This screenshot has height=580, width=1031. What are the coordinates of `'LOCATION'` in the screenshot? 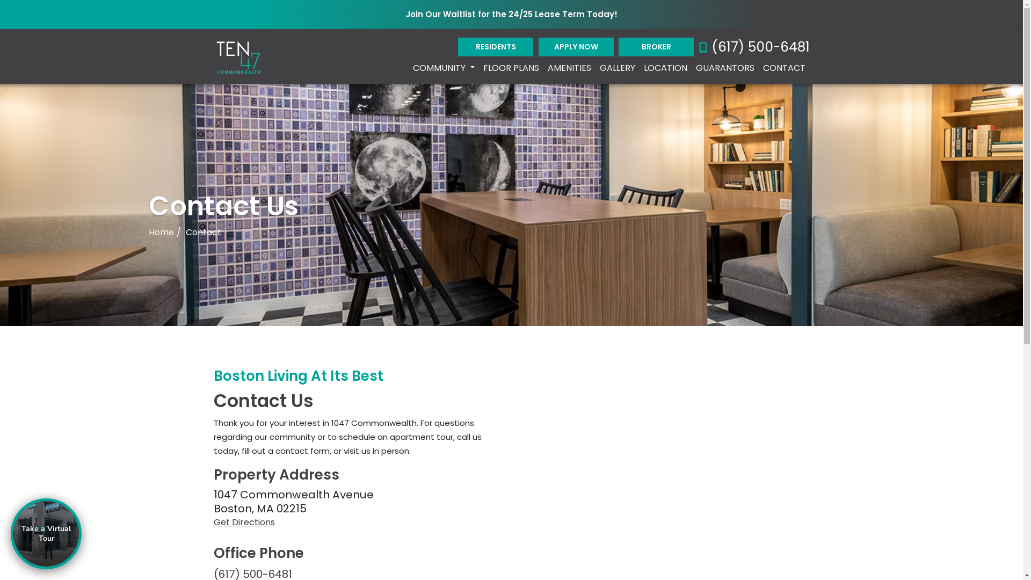 It's located at (664, 68).